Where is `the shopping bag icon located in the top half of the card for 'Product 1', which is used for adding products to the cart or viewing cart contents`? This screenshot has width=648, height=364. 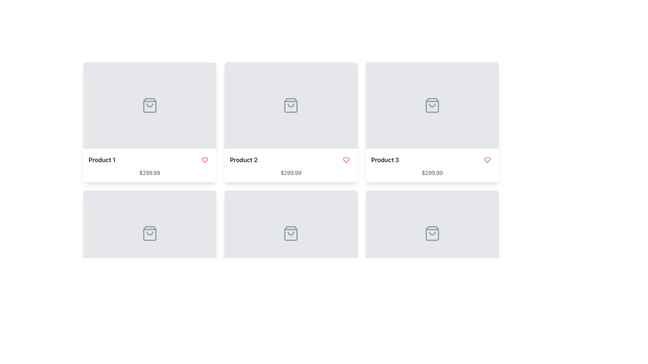 the shopping bag icon located in the top half of the card for 'Product 1', which is used for adding products to the cart or viewing cart contents is located at coordinates (149, 105).